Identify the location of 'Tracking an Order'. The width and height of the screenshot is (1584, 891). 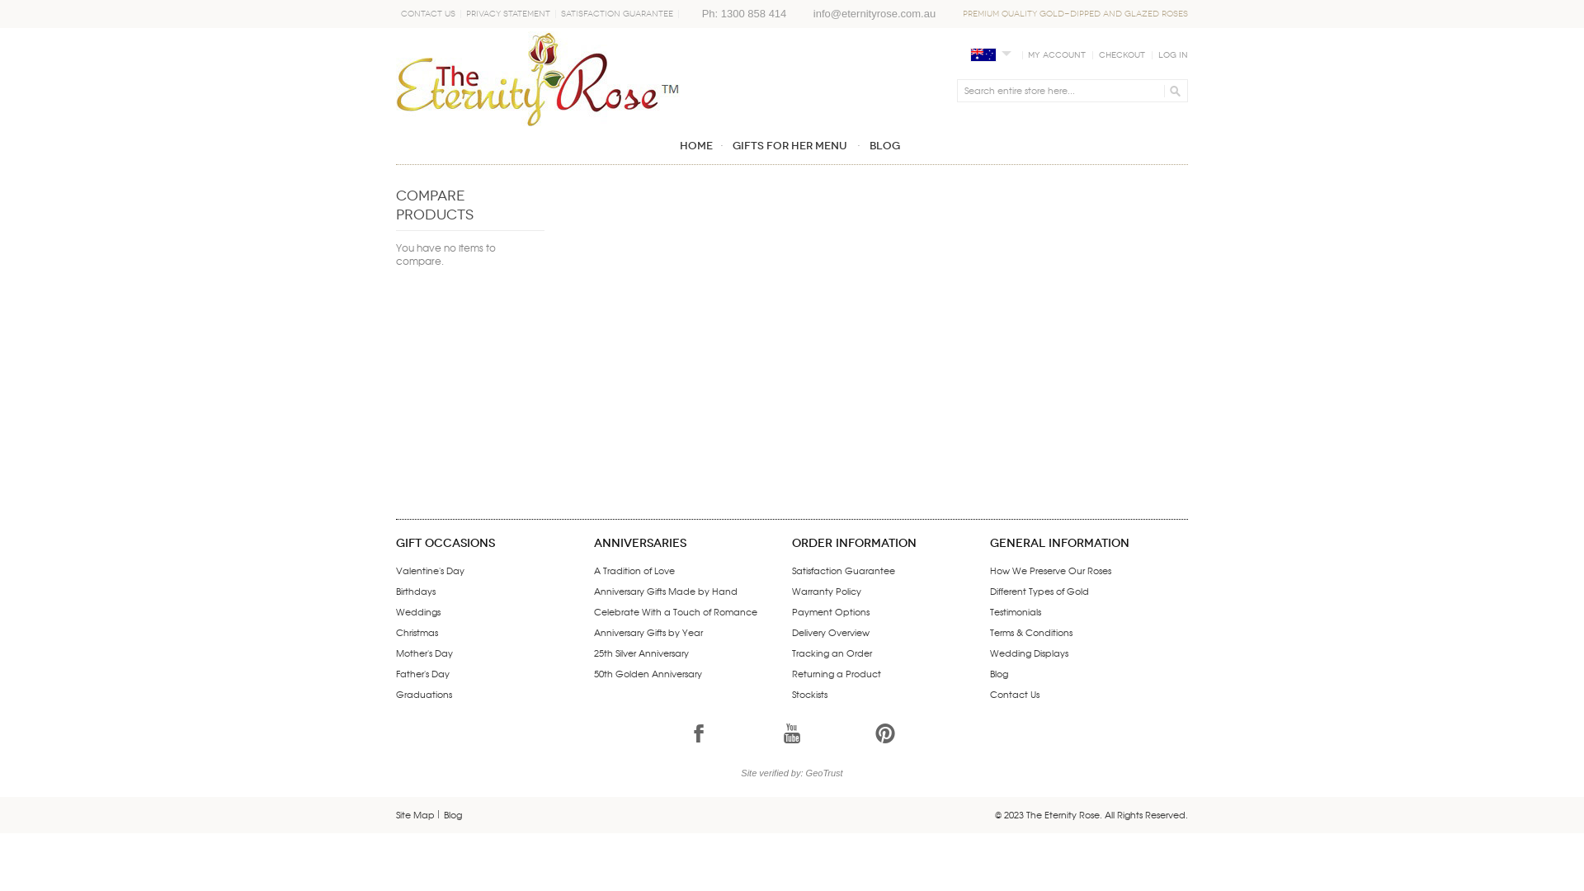
(832, 652).